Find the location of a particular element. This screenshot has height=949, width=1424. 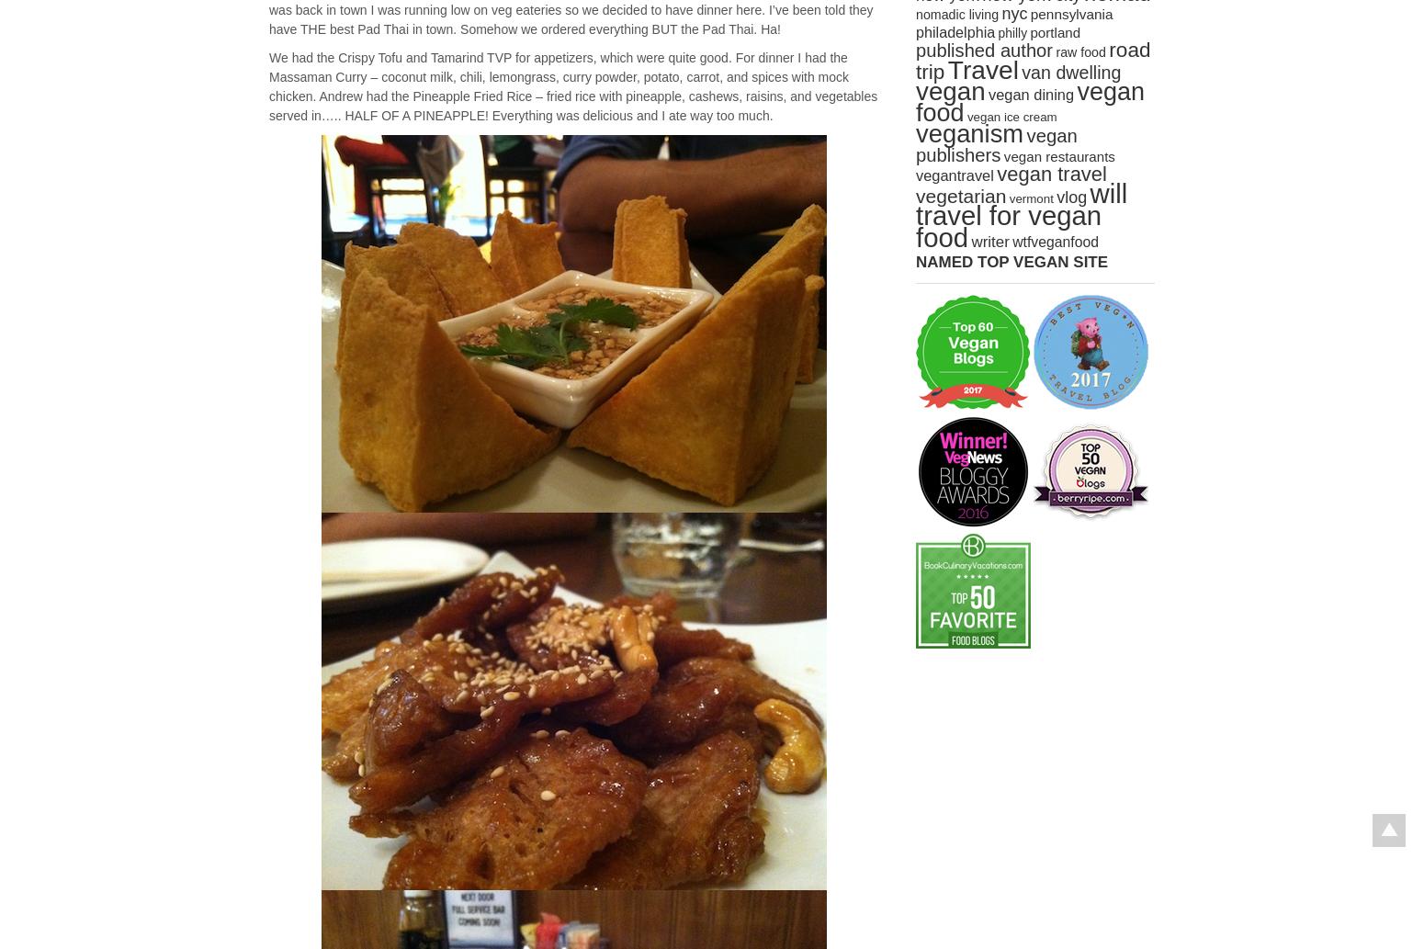

'Travel' is located at coordinates (982, 70).